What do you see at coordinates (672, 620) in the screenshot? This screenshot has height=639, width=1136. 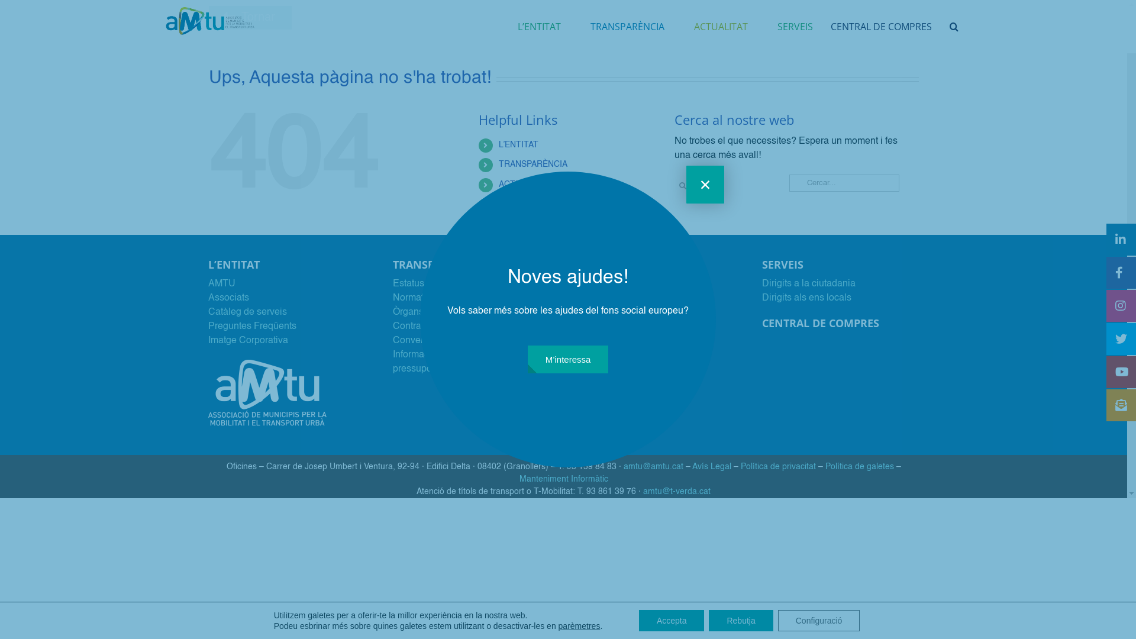 I see `'Accepta'` at bounding box center [672, 620].